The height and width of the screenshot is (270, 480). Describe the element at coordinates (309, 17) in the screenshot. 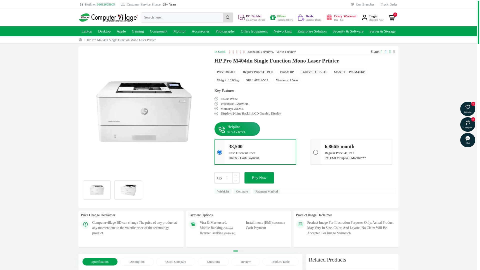

I see `'Deals` at that location.